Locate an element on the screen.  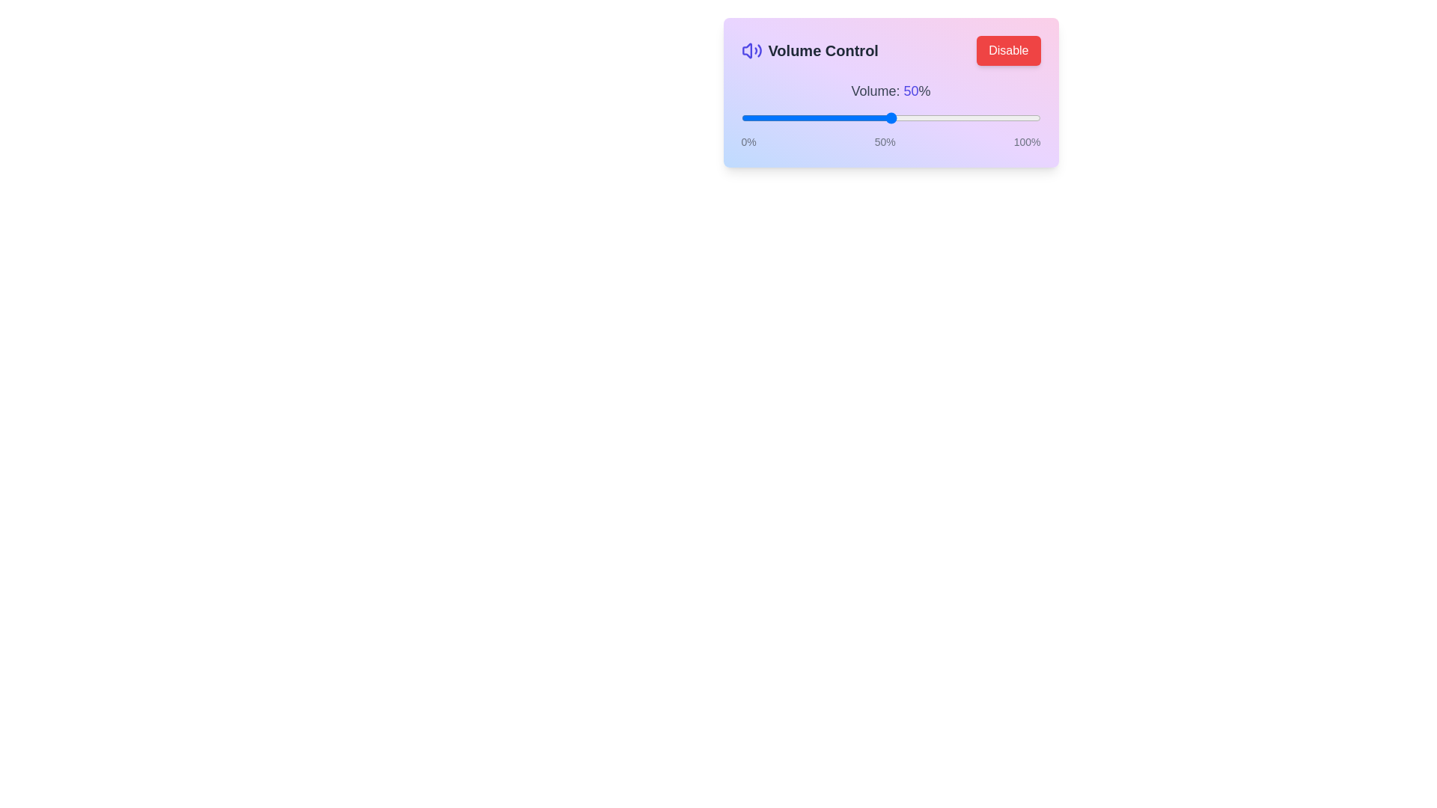
the volume is located at coordinates (920, 117).